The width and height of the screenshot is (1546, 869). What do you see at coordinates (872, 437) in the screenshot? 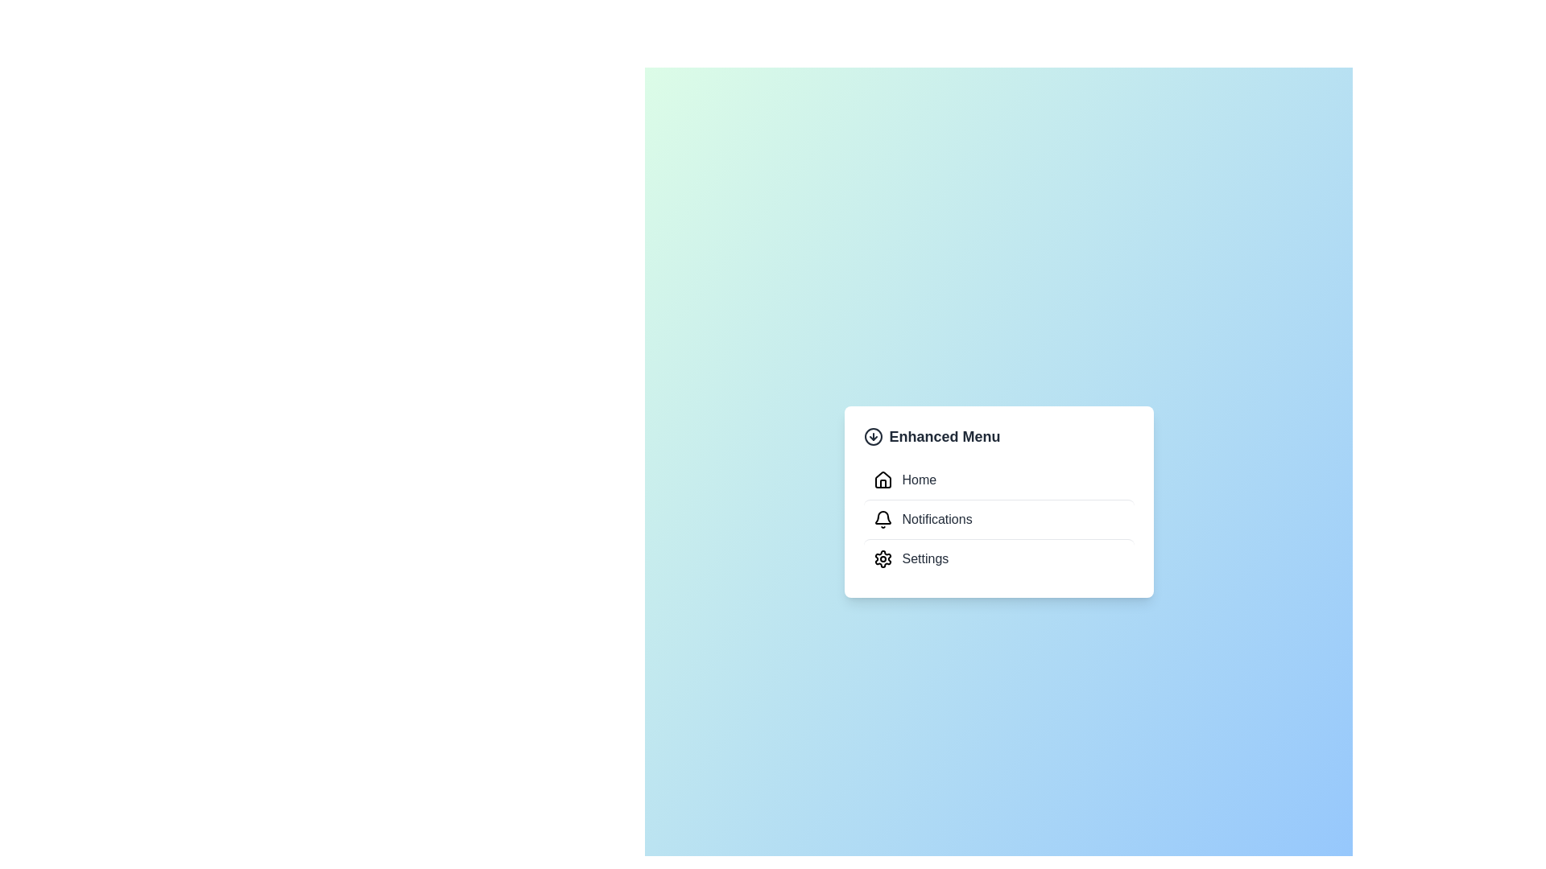
I see `title icon to reveal potential actions` at bounding box center [872, 437].